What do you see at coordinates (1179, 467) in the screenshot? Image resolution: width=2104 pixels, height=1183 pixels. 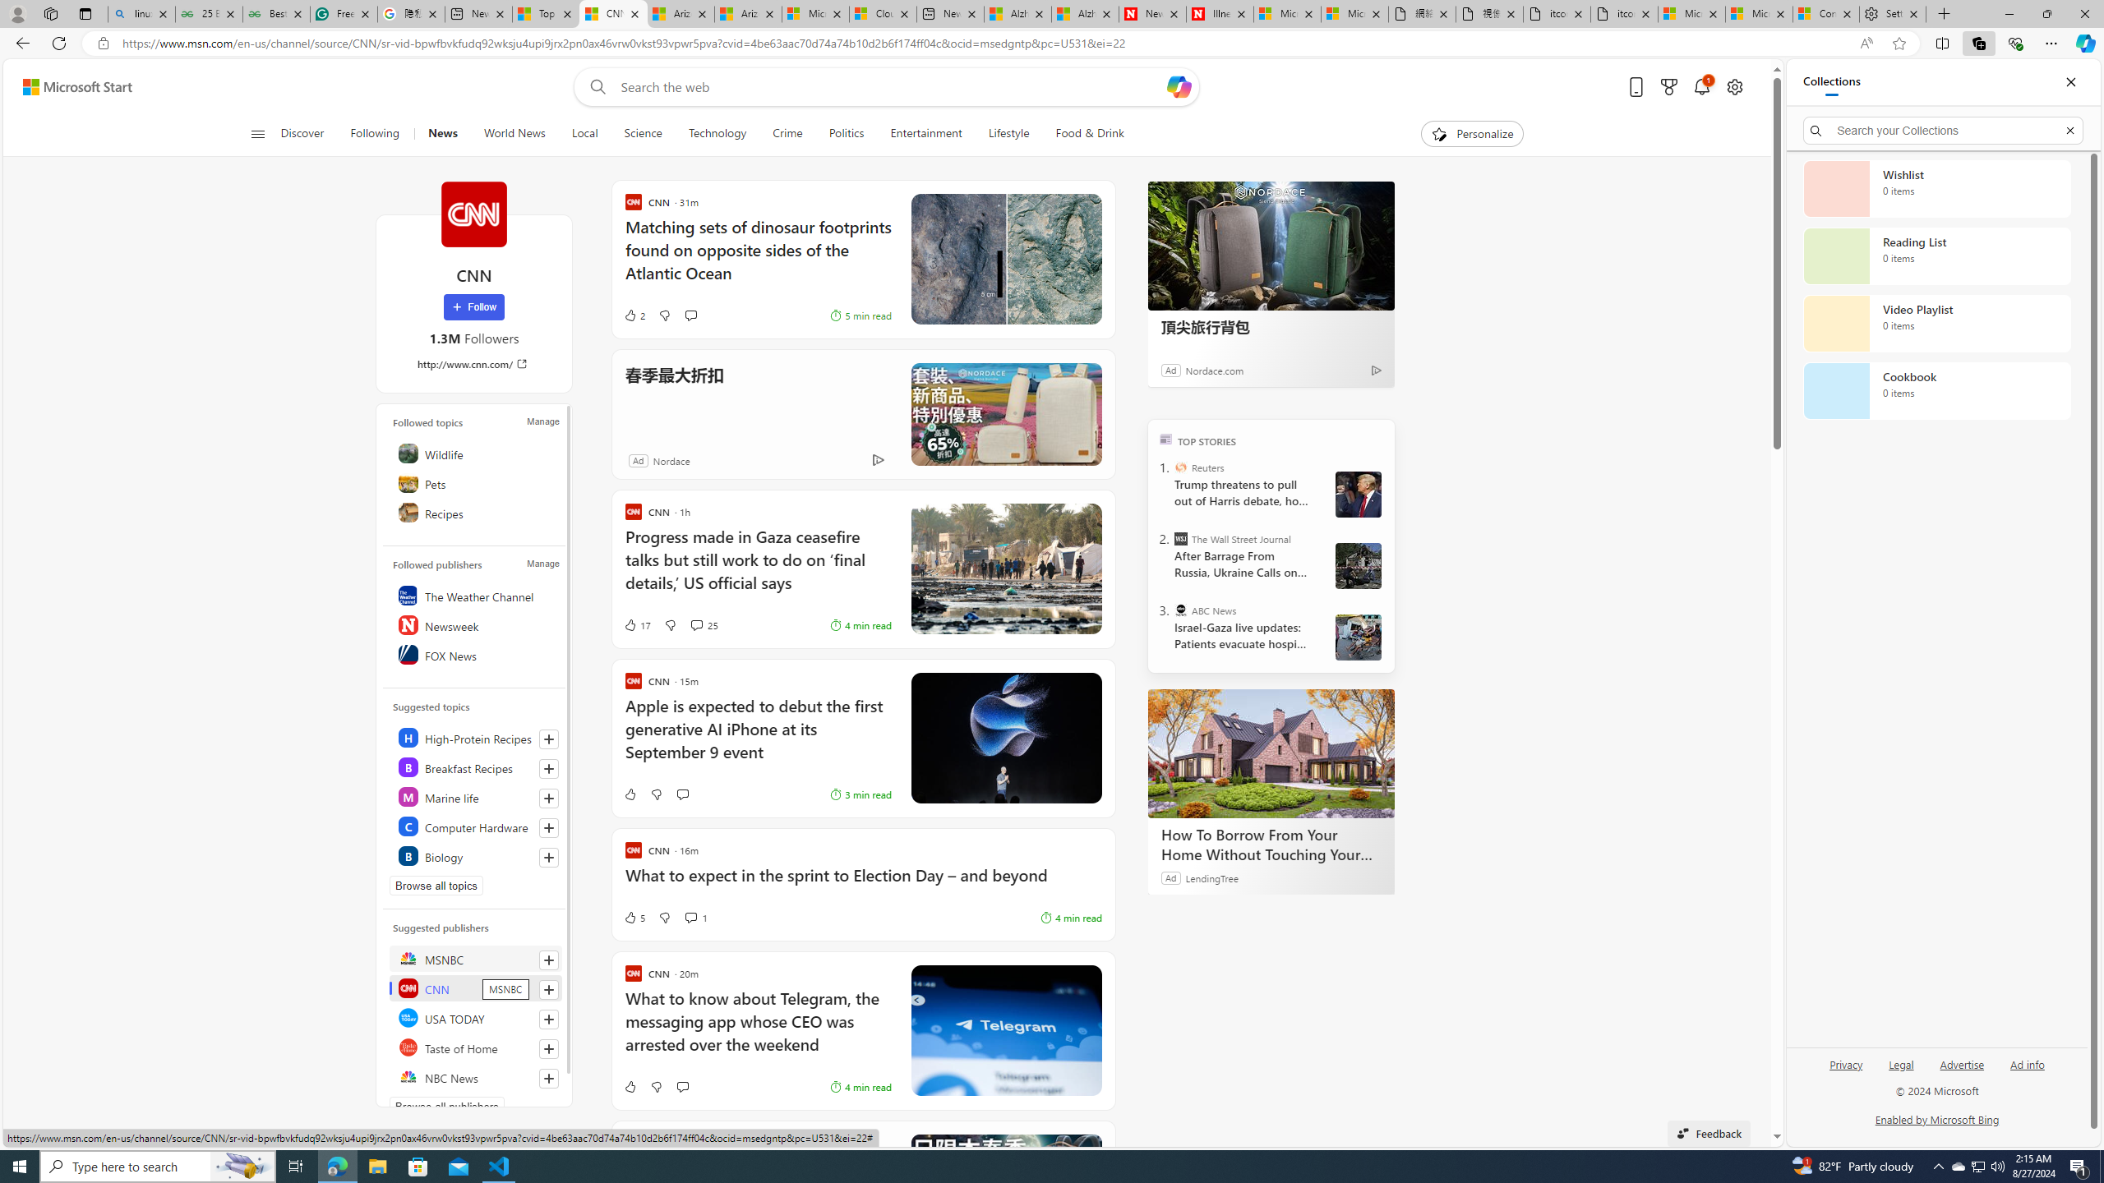 I see `'Reuters'` at bounding box center [1179, 467].